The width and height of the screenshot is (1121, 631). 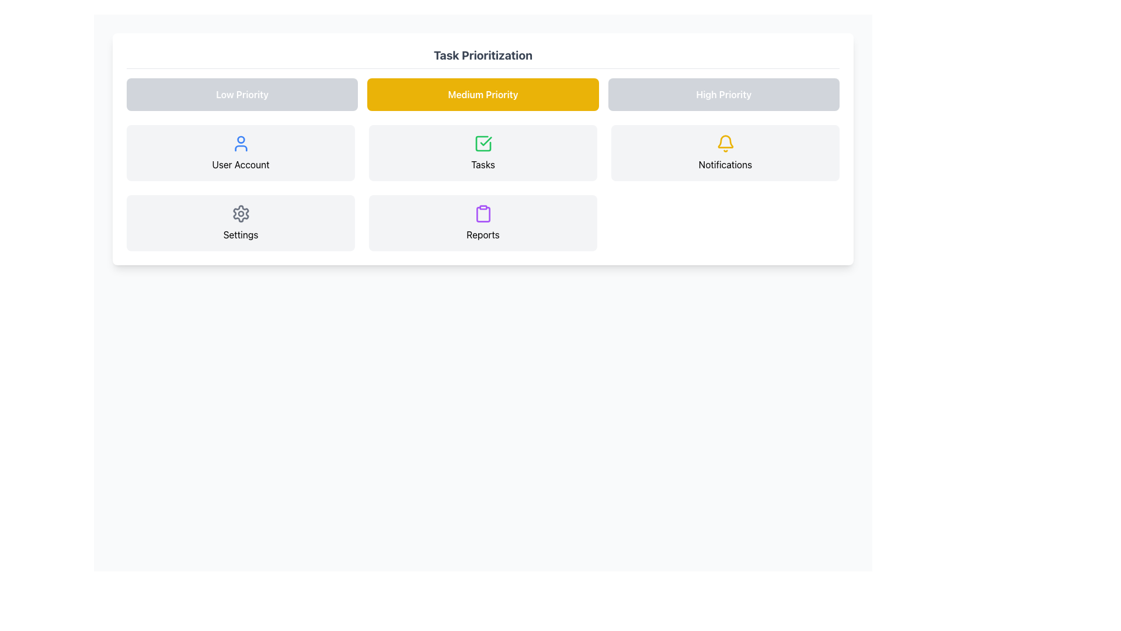 What do you see at coordinates (723, 94) in the screenshot?
I see `the 'High Priority' button located at the top-right corner of the grid layout, which is the third button following 'Low Priority' and 'Medium Priority', to trigger the hover effect` at bounding box center [723, 94].